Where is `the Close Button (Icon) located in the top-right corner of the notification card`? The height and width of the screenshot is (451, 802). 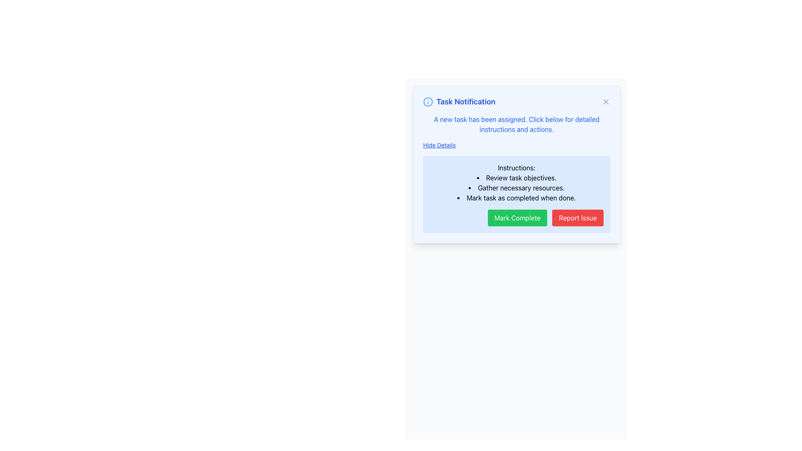 the Close Button (Icon) located in the top-right corner of the notification card is located at coordinates (606, 101).